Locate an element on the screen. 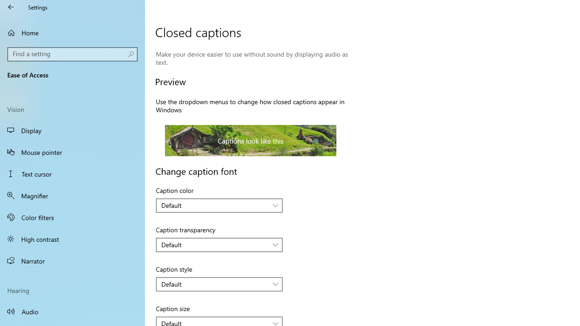 This screenshot has width=580, height=326. 'Magnifier' is located at coordinates (72, 195).